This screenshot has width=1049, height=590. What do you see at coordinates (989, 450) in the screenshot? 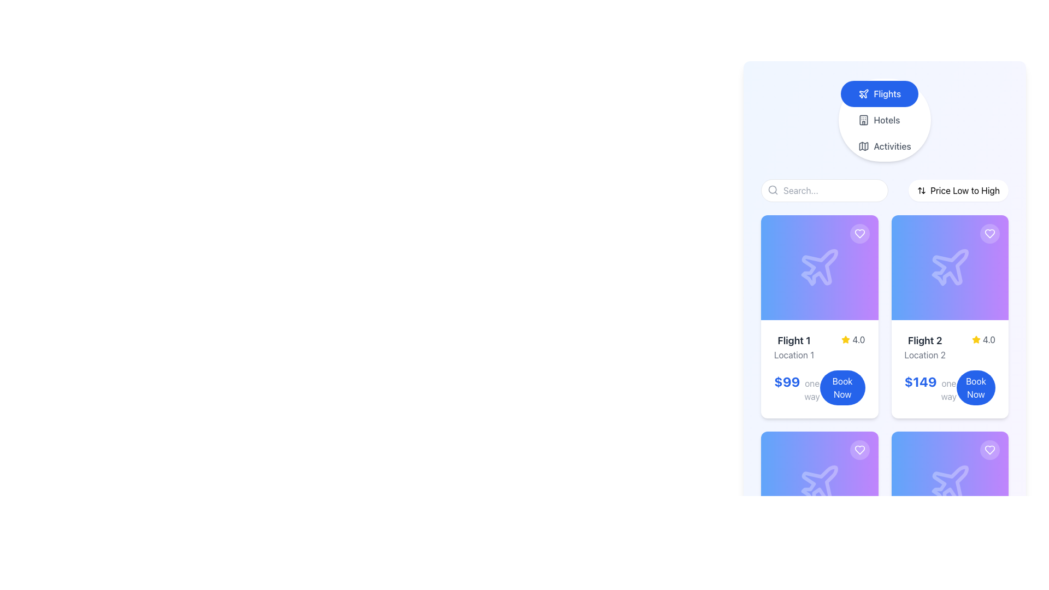
I see `the heart-shaped icon in the top-right corner of the second card in the second row` at bounding box center [989, 450].